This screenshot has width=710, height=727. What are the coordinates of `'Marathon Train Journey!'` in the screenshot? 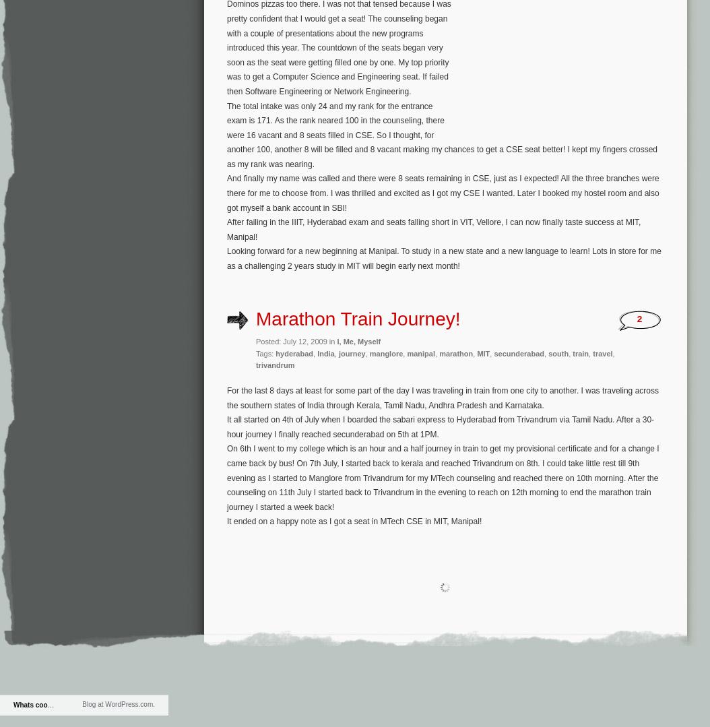 It's located at (358, 318).